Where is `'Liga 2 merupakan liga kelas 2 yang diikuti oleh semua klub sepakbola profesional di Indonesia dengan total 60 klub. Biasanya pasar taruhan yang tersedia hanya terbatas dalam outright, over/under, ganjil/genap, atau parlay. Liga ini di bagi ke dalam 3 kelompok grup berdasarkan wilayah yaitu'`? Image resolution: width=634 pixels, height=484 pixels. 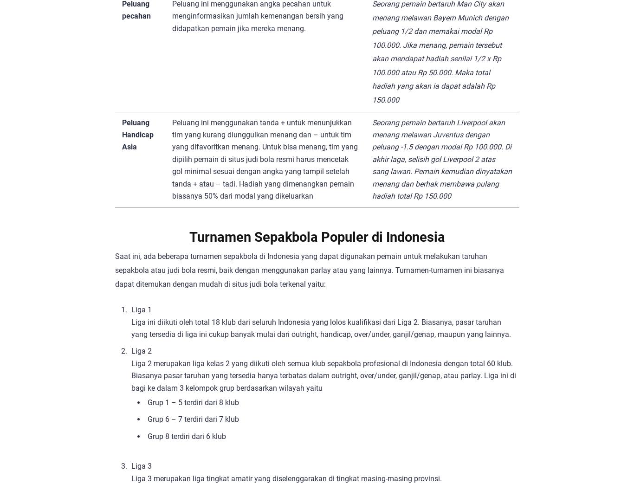 'Liga 2 merupakan liga kelas 2 yang diikuti oleh semua klub sepakbola profesional di Indonesia dengan total 60 klub. Biasanya pasar taruhan yang tersedia hanya terbatas dalam outright, over/under, ganjil/genap, atau parlay. Liga ini di bagi ke dalam 3 kelompok grup berdasarkan wilayah yaitu' is located at coordinates (131, 374).